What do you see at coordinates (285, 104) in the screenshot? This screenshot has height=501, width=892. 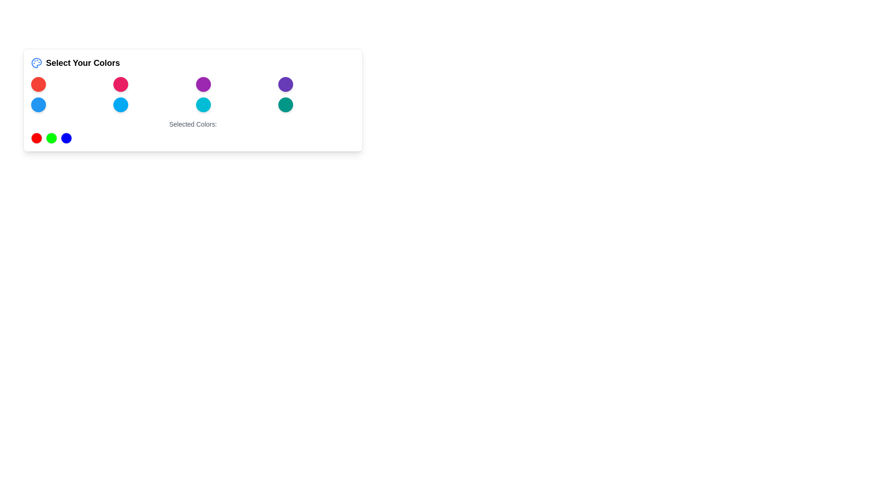 I see `the eighth circular button with a teal background color` at bounding box center [285, 104].